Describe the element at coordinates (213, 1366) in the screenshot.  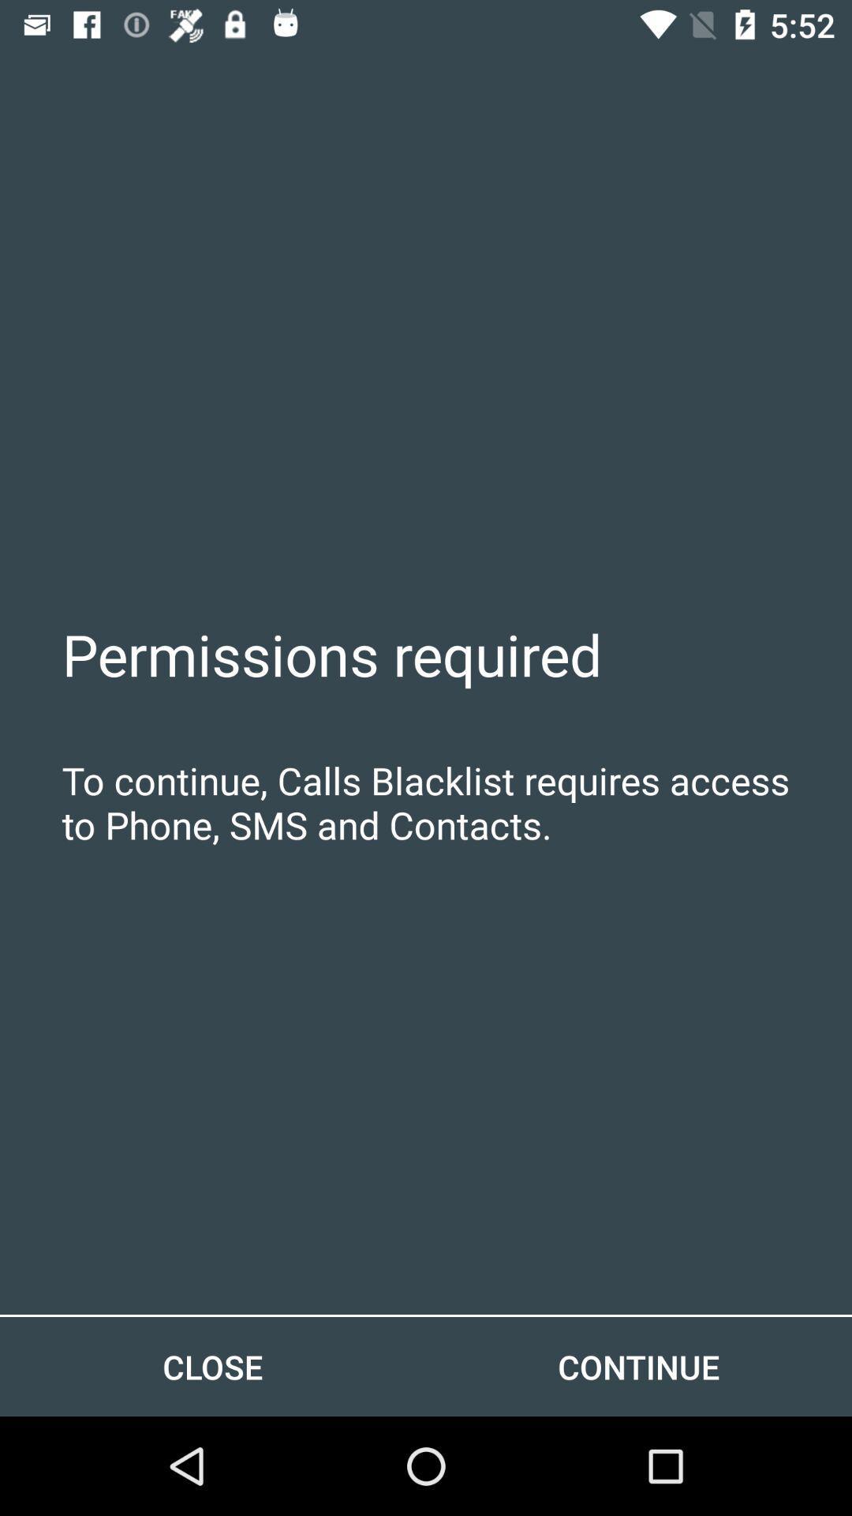
I see `icon at the bottom left corner` at that location.